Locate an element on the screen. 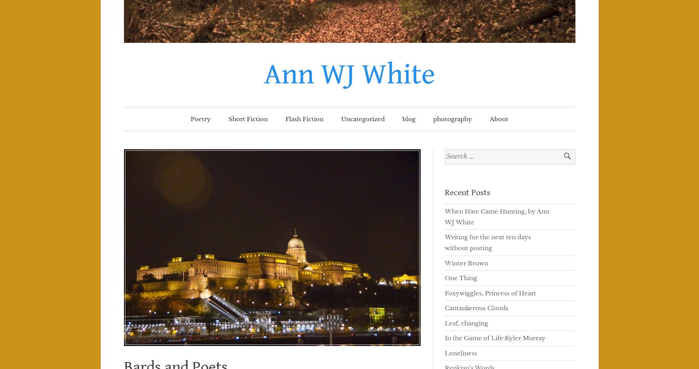  'Loneliness' is located at coordinates (444, 352).